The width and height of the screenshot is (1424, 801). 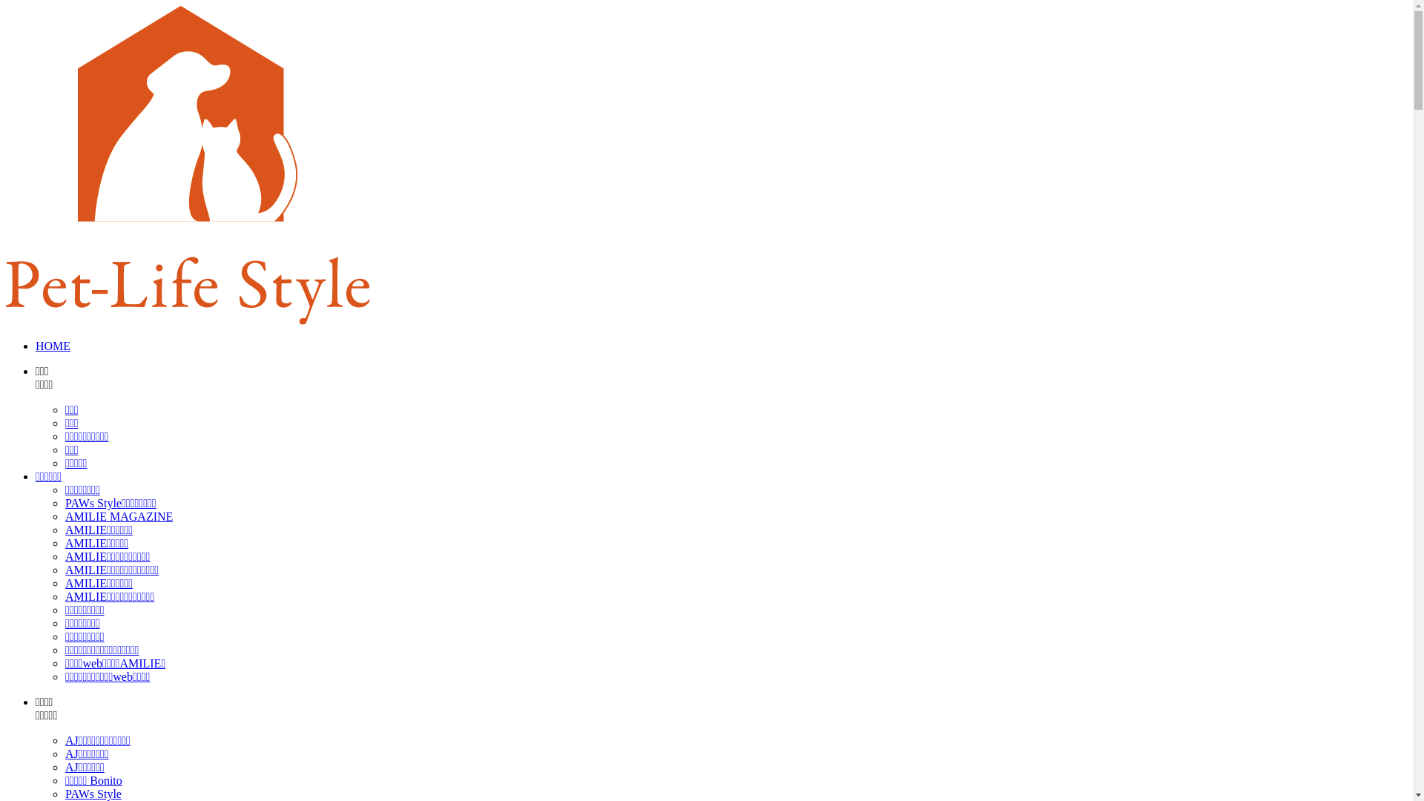 What do you see at coordinates (64, 793) in the screenshot?
I see `'PAWs Style'` at bounding box center [64, 793].